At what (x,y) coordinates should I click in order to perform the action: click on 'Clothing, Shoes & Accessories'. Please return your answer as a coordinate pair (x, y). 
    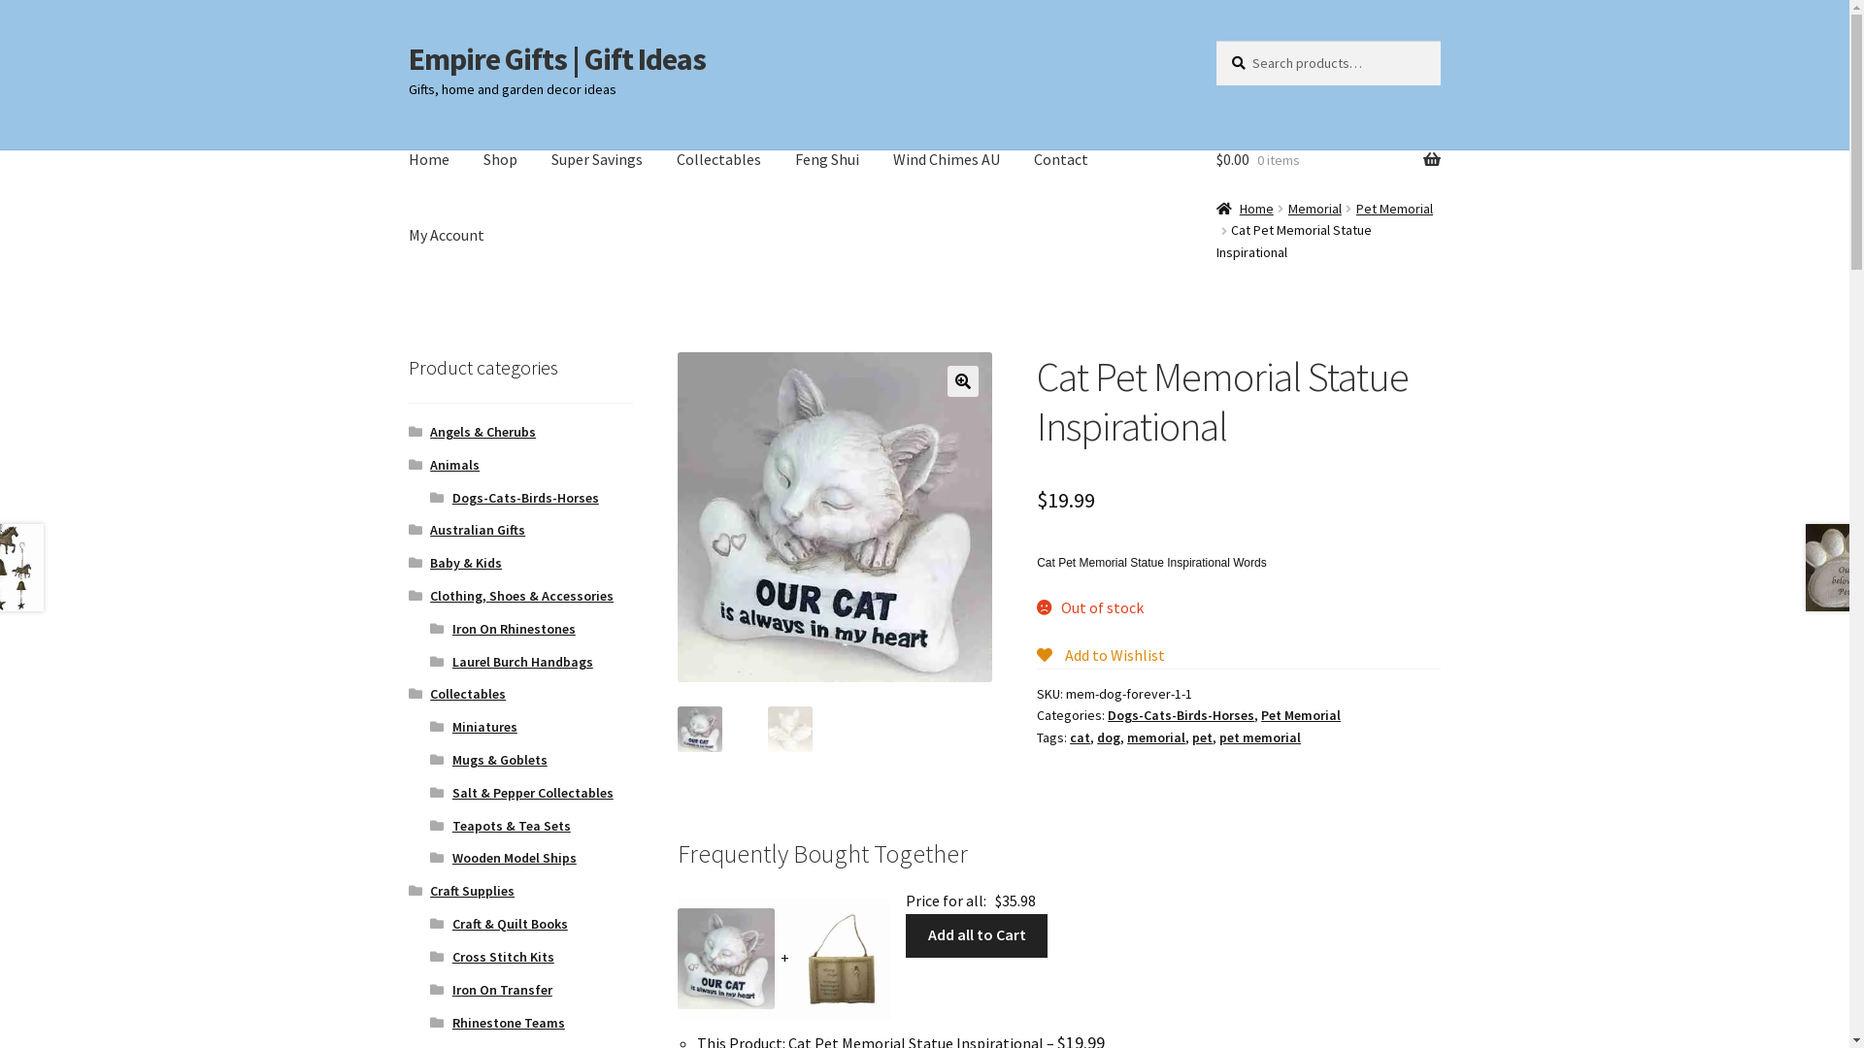
    Looking at the image, I should click on (521, 594).